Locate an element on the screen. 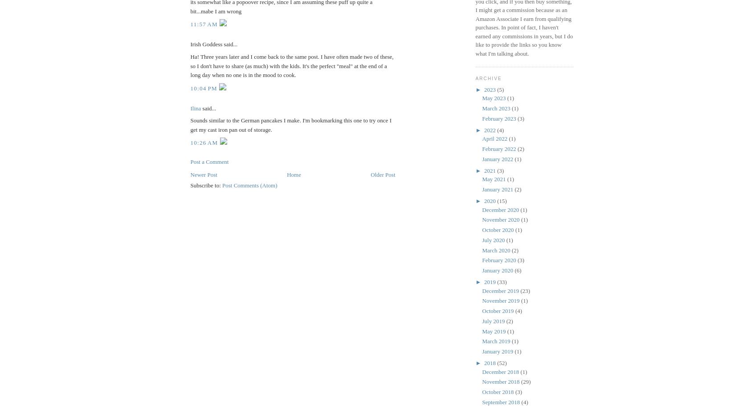  'February 2023' is located at coordinates (499, 118).